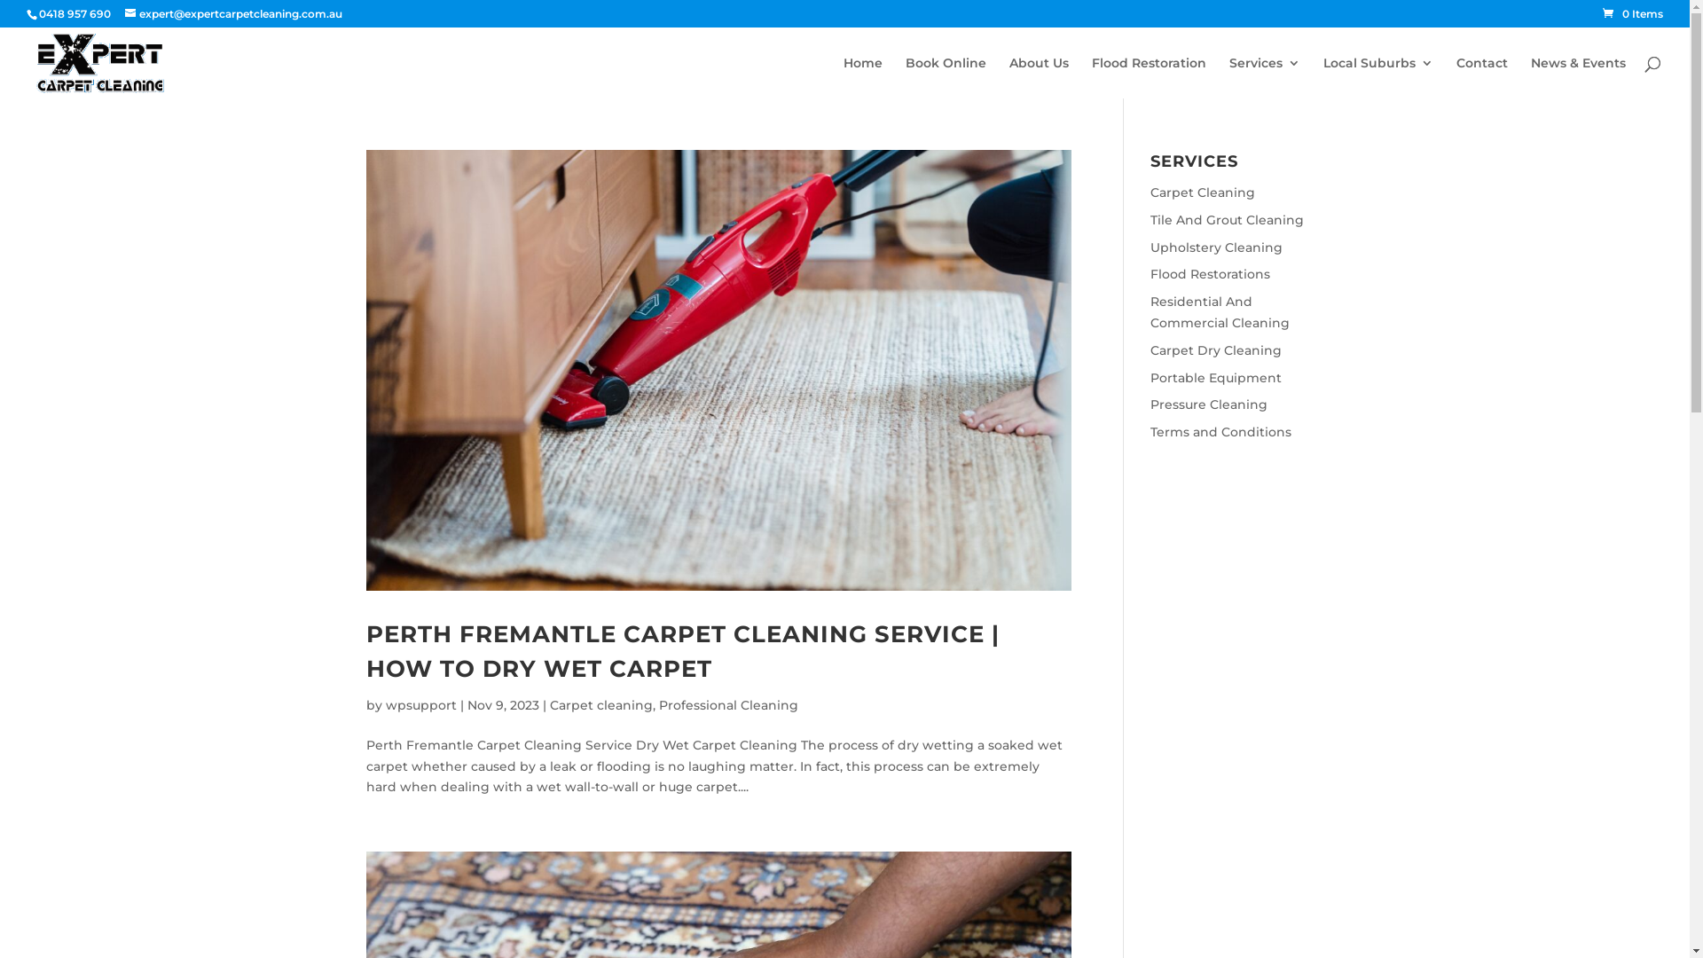  I want to click on 'Portable Equipment', so click(1150, 376).